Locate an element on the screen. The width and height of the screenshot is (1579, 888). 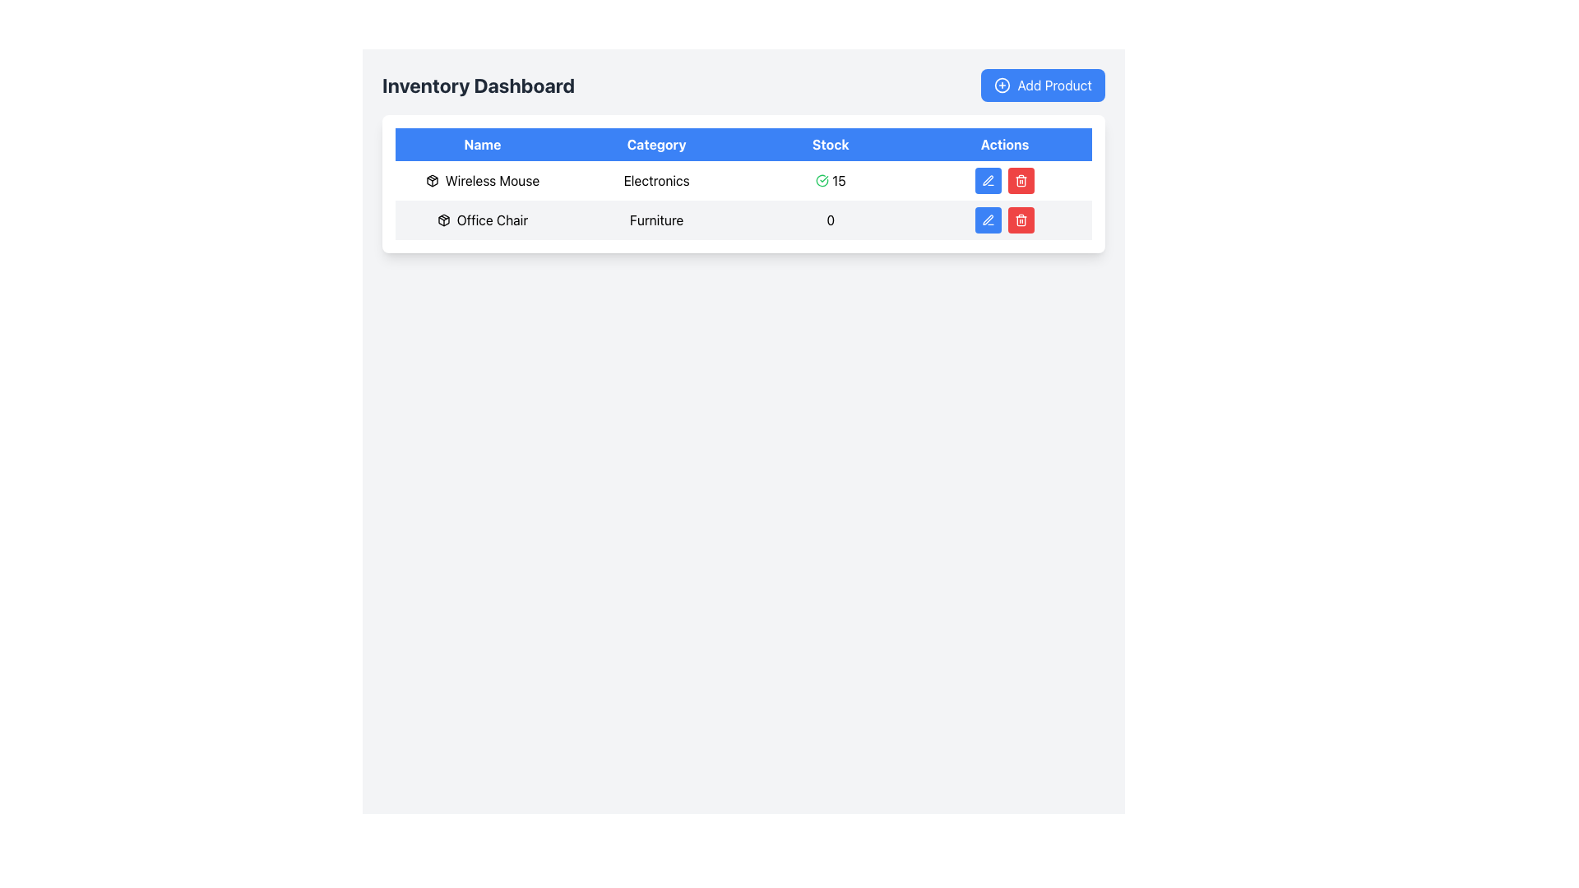
the red delete button with a trash bin icon located in the 'Actions' column of the second row of the table is located at coordinates (1021, 180).